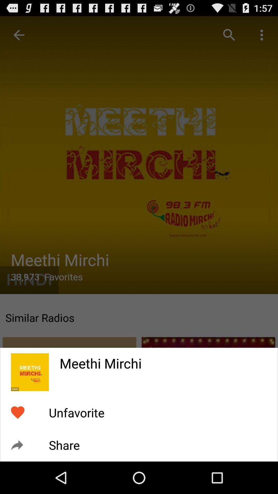 This screenshot has width=278, height=494. I want to click on the share, so click(64, 445).